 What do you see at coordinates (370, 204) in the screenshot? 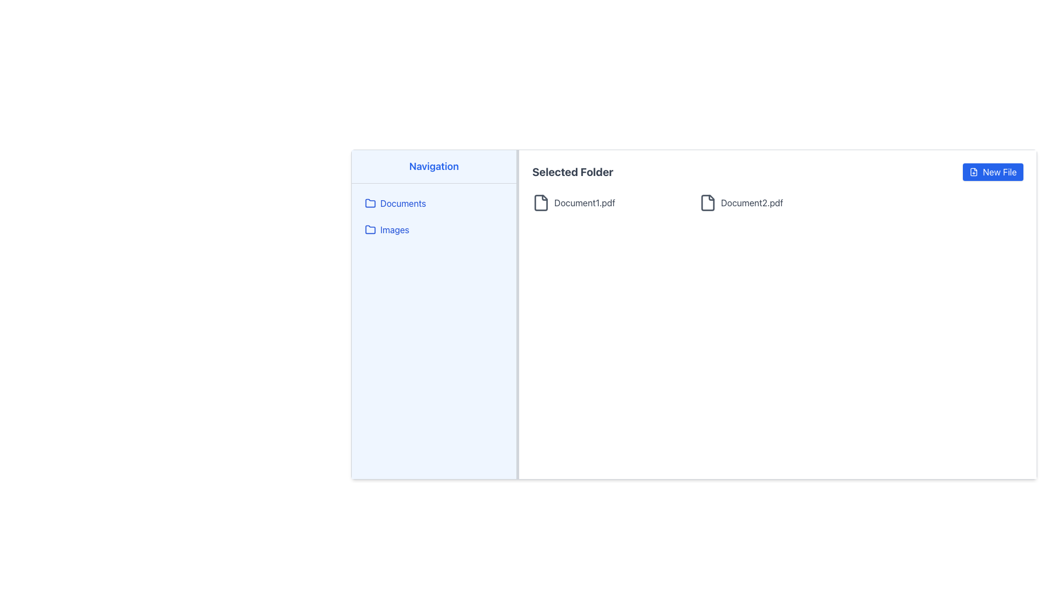
I see `the blue folder-like icon located to the left of the 'Documents' text label in the navigation menu` at bounding box center [370, 204].